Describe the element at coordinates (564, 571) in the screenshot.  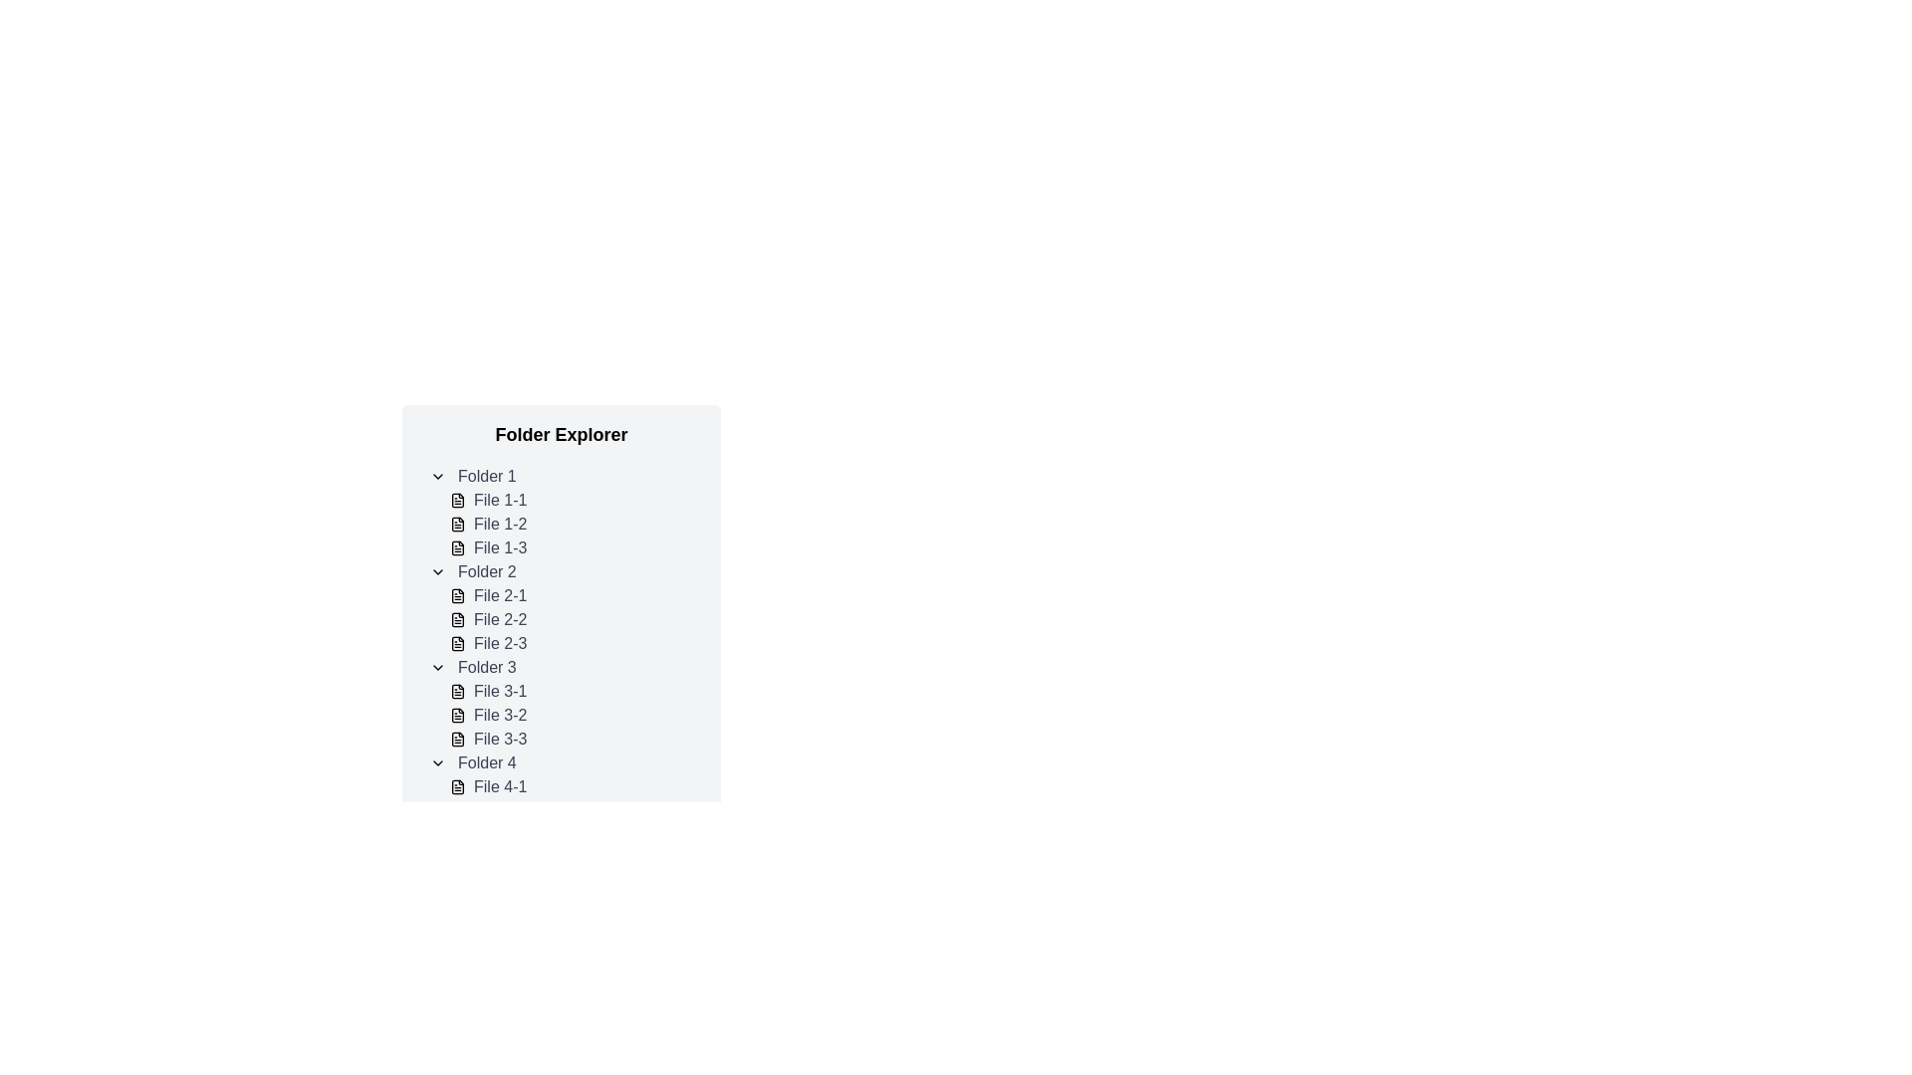
I see `the second top-level folder` at that location.